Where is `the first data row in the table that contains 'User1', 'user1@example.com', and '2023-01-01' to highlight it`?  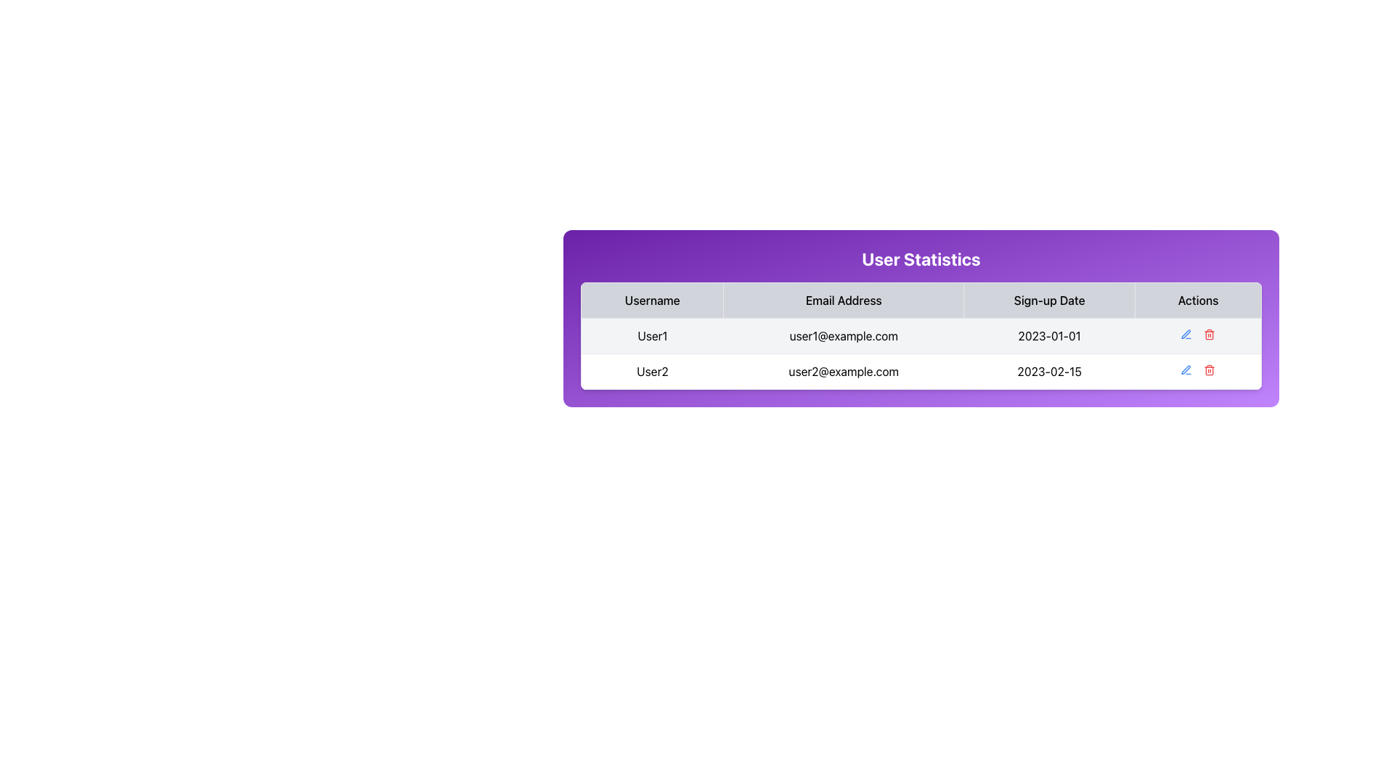 the first data row in the table that contains 'User1', 'user1@example.com', and '2023-01-01' to highlight it is located at coordinates (920, 353).